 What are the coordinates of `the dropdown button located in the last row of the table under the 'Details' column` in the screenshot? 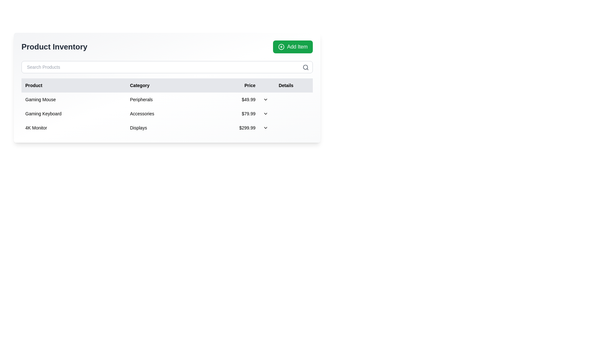 It's located at (266, 128).